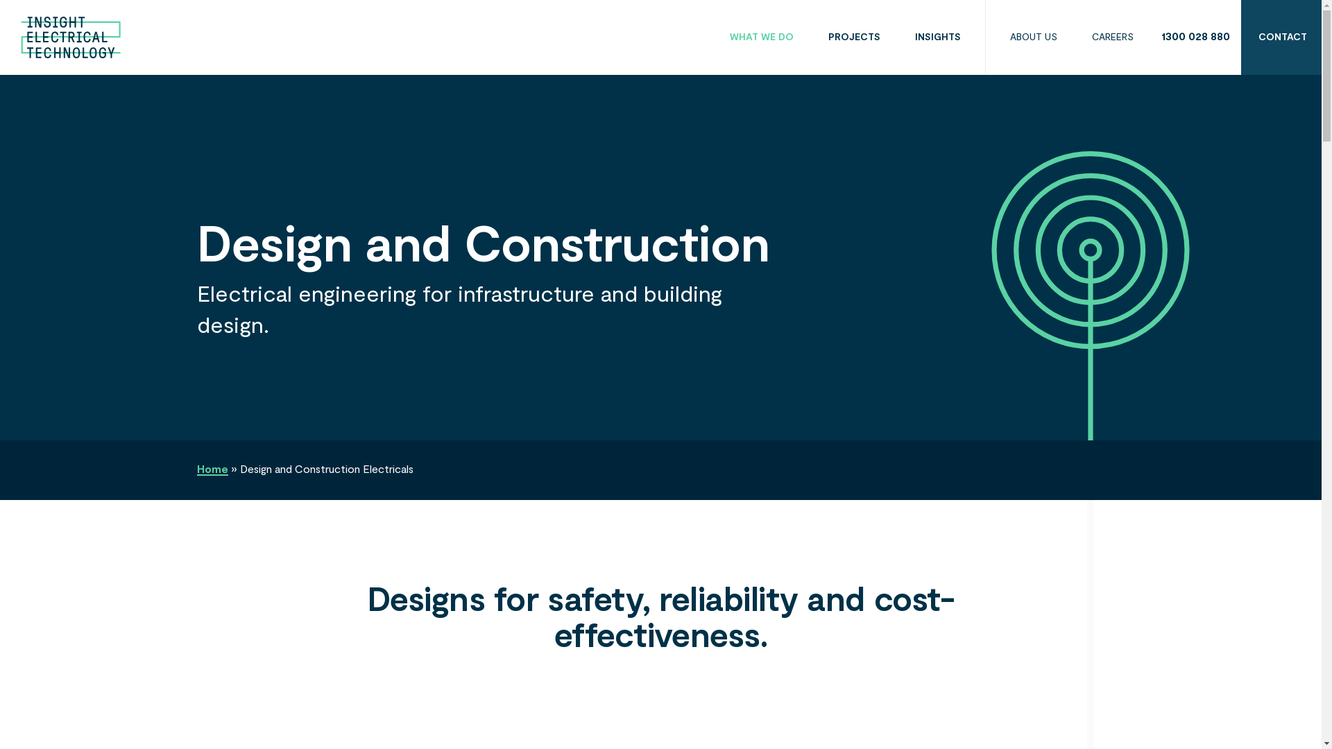 The width and height of the screenshot is (1332, 749). Describe the element at coordinates (853, 37) in the screenshot. I see `'PROJECTS'` at that location.